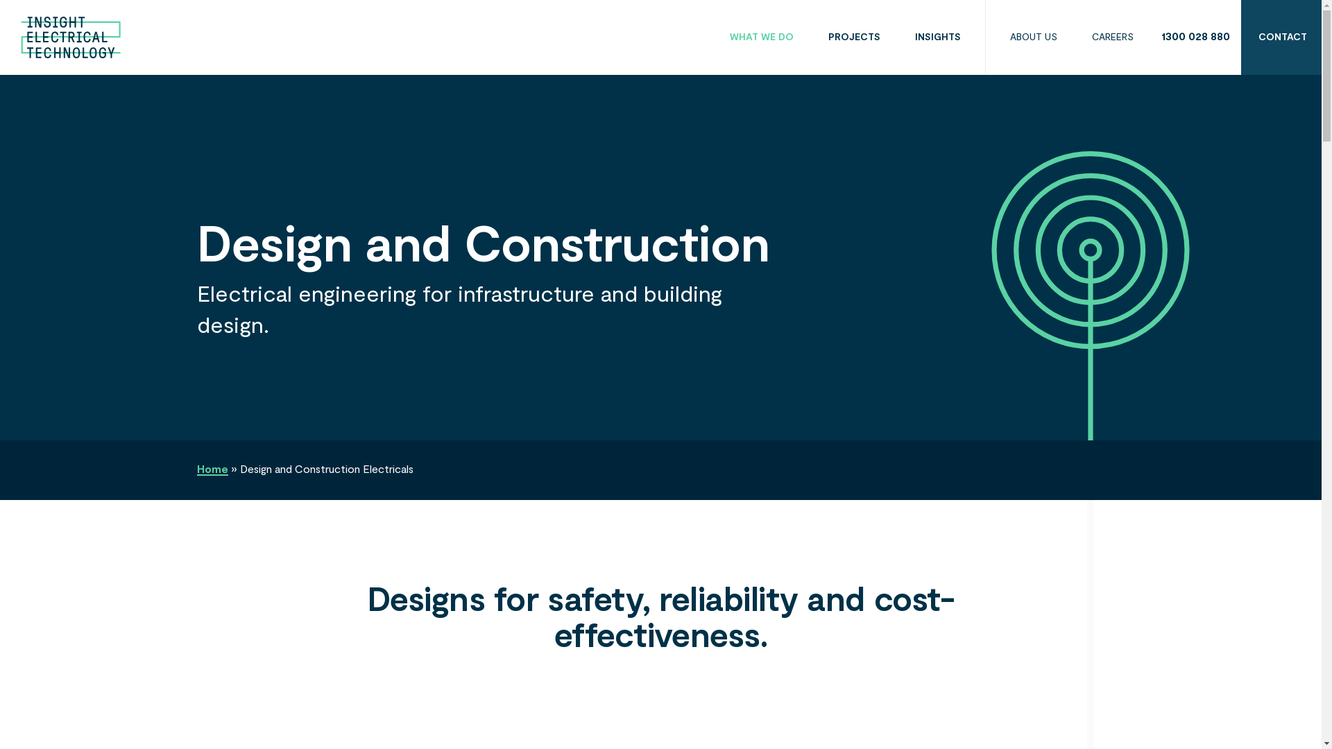 The width and height of the screenshot is (1332, 749). Describe the element at coordinates (853, 37) in the screenshot. I see `'PROJECTS'` at that location.